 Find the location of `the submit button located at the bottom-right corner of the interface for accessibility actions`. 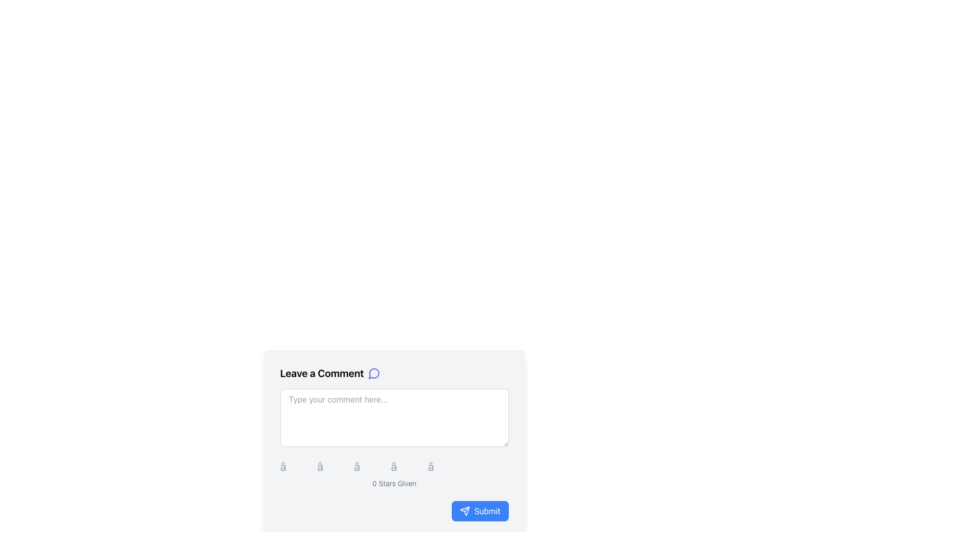

the submit button located at the bottom-right corner of the interface for accessibility actions is located at coordinates (479, 511).